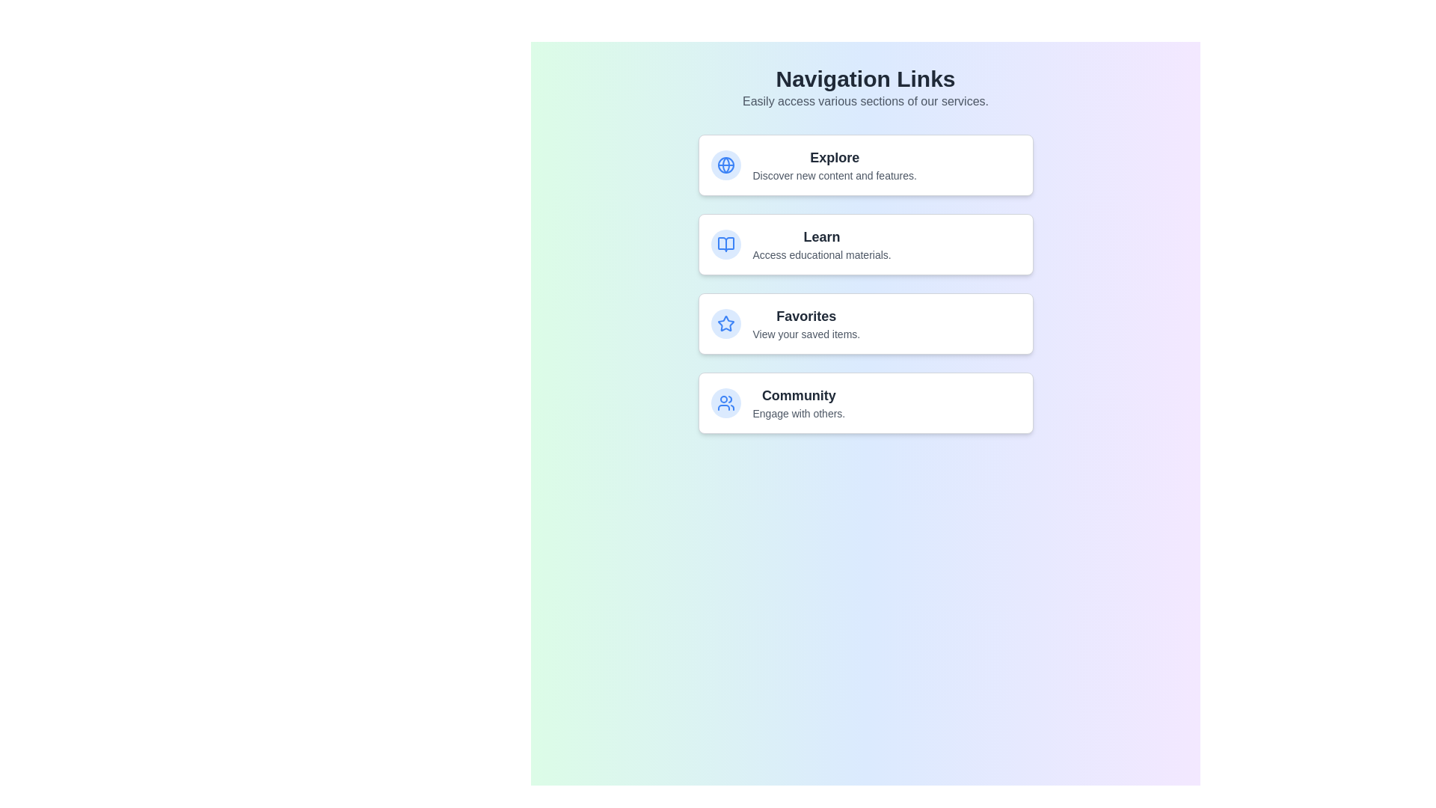  I want to click on the 'Explore' button, which is the first item in a vertical list of navigational cards, featuring a globe icon and the title 'Explore' in bold dark-gray text, so click(865, 165).